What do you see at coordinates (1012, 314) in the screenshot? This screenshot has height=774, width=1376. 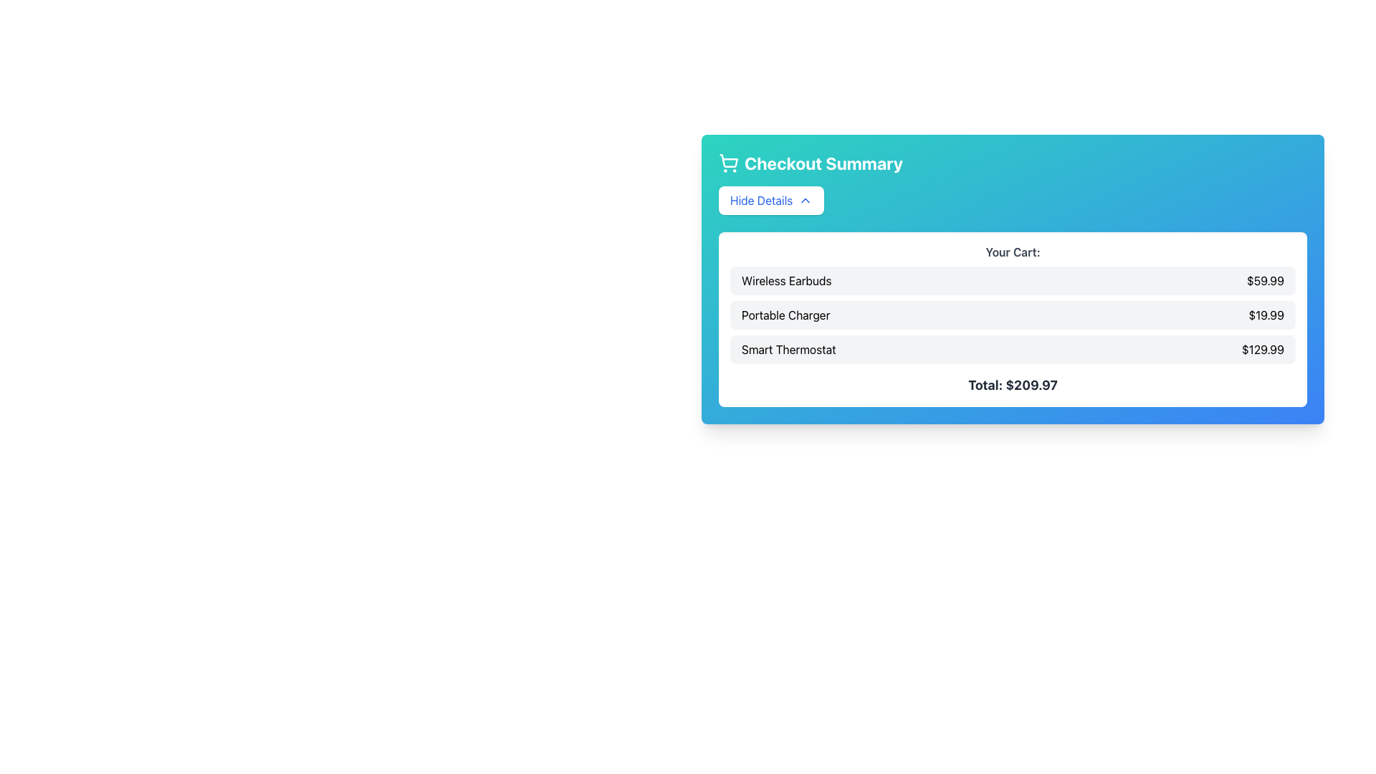 I see `the second item in the shopping cart, labeled 'Portable Charger' priced at '$19.99', to modify or remove the item if the functionality is available` at bounding box center [1012, 314].